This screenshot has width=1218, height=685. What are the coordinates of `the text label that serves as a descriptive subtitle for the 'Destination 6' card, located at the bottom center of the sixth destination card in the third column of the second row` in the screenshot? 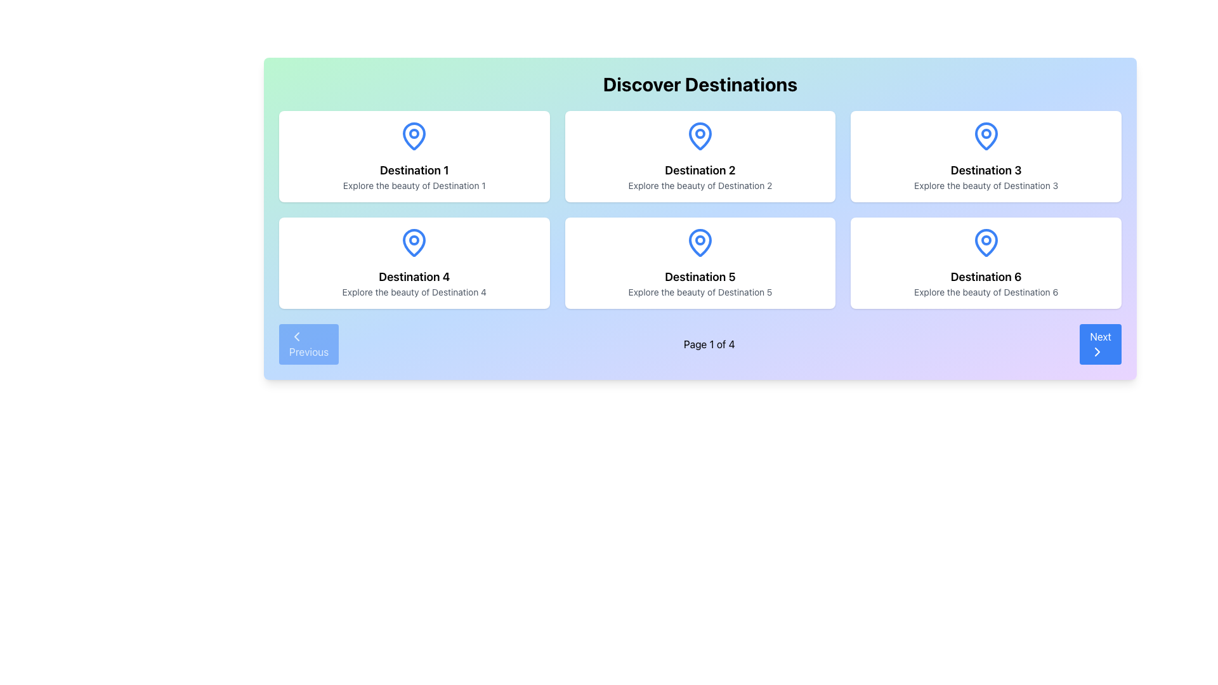 It's located at (985, 292).